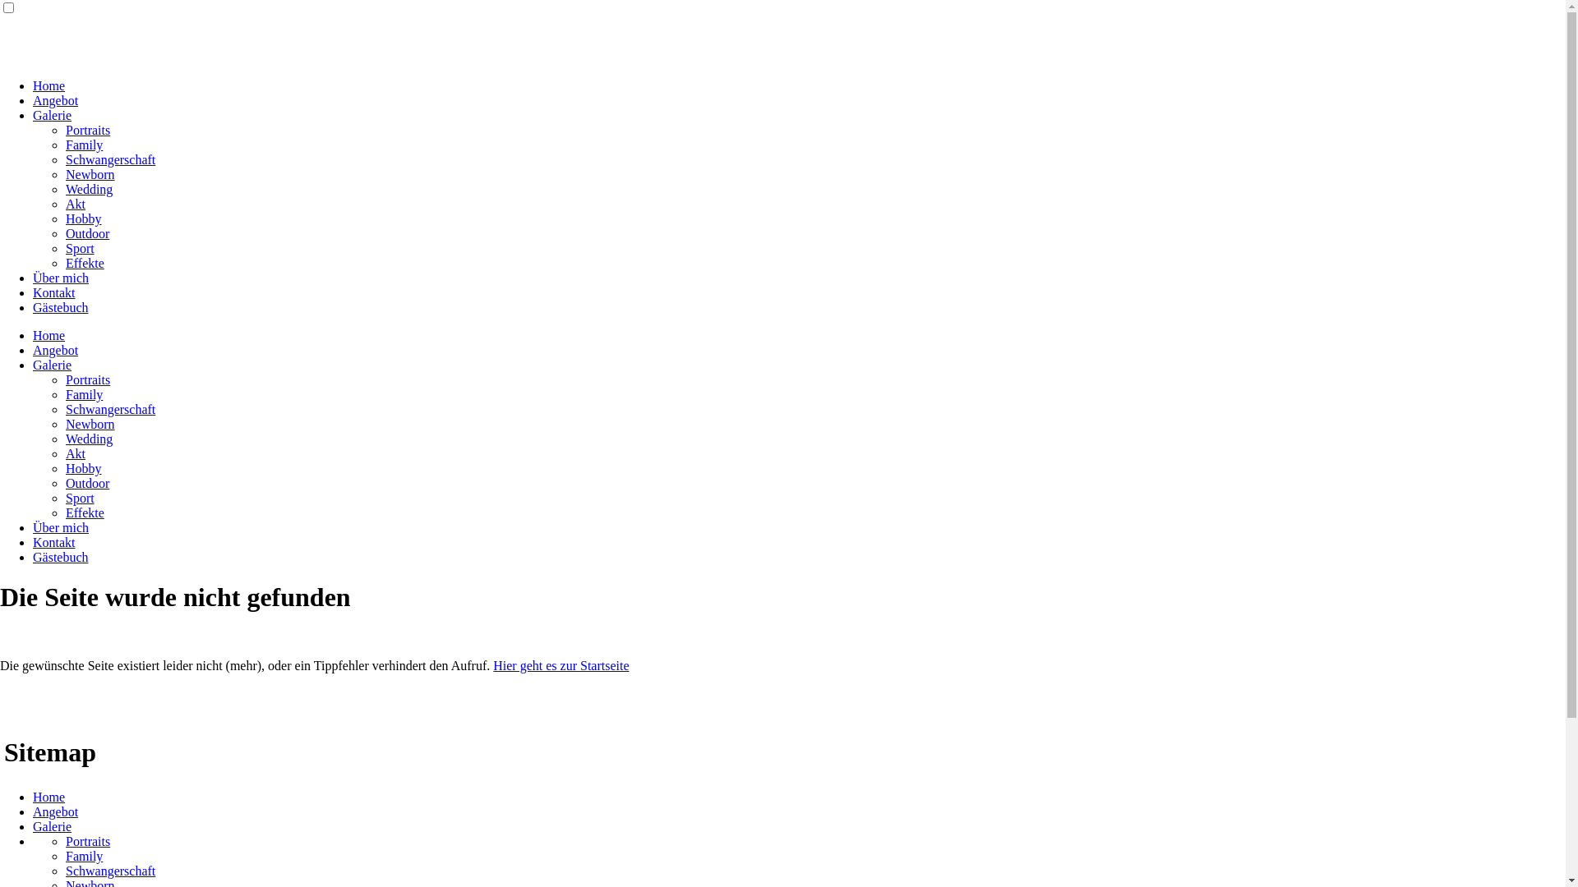 The height and width of the screenshot is (887, 1578). What do you see at coordinates (79, 248) in the screenshot?
I see `'Sport'` at bounding box center [79, 248].